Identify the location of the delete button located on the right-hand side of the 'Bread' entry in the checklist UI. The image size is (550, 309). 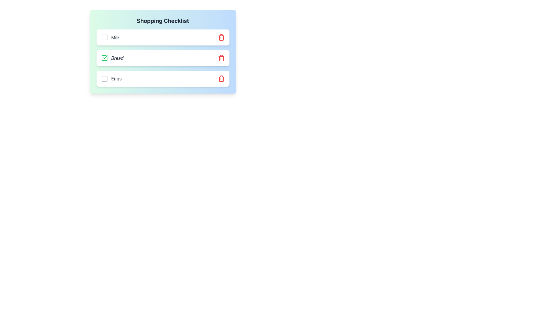
(221, 58).